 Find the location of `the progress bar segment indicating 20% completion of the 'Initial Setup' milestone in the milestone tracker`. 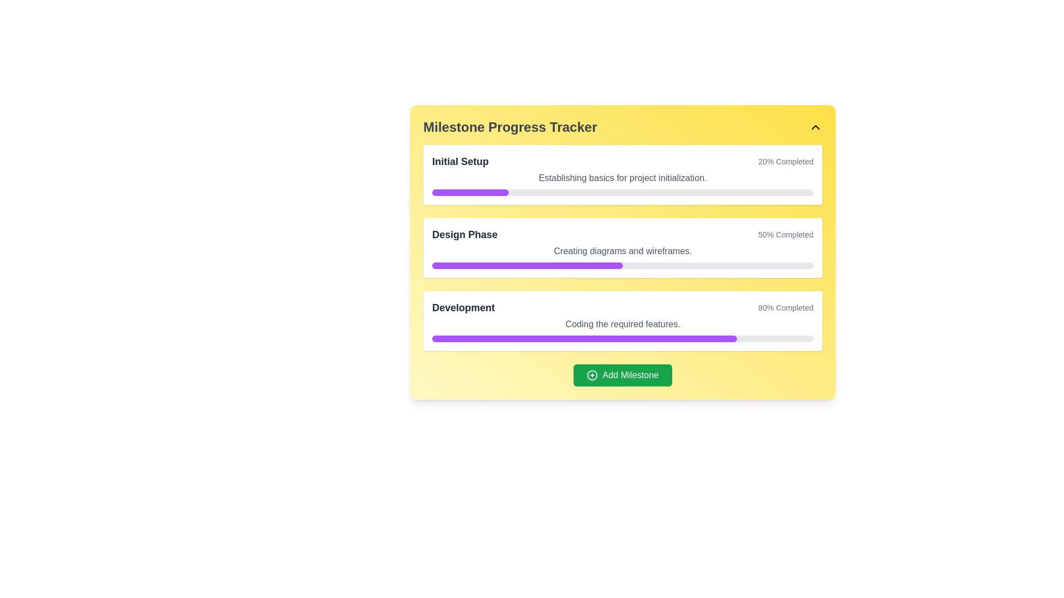

the progress bar segment indicating 20% completion of the 'Initial Setup' milestone in the milestone tracker is located at coordinates (470, 192).